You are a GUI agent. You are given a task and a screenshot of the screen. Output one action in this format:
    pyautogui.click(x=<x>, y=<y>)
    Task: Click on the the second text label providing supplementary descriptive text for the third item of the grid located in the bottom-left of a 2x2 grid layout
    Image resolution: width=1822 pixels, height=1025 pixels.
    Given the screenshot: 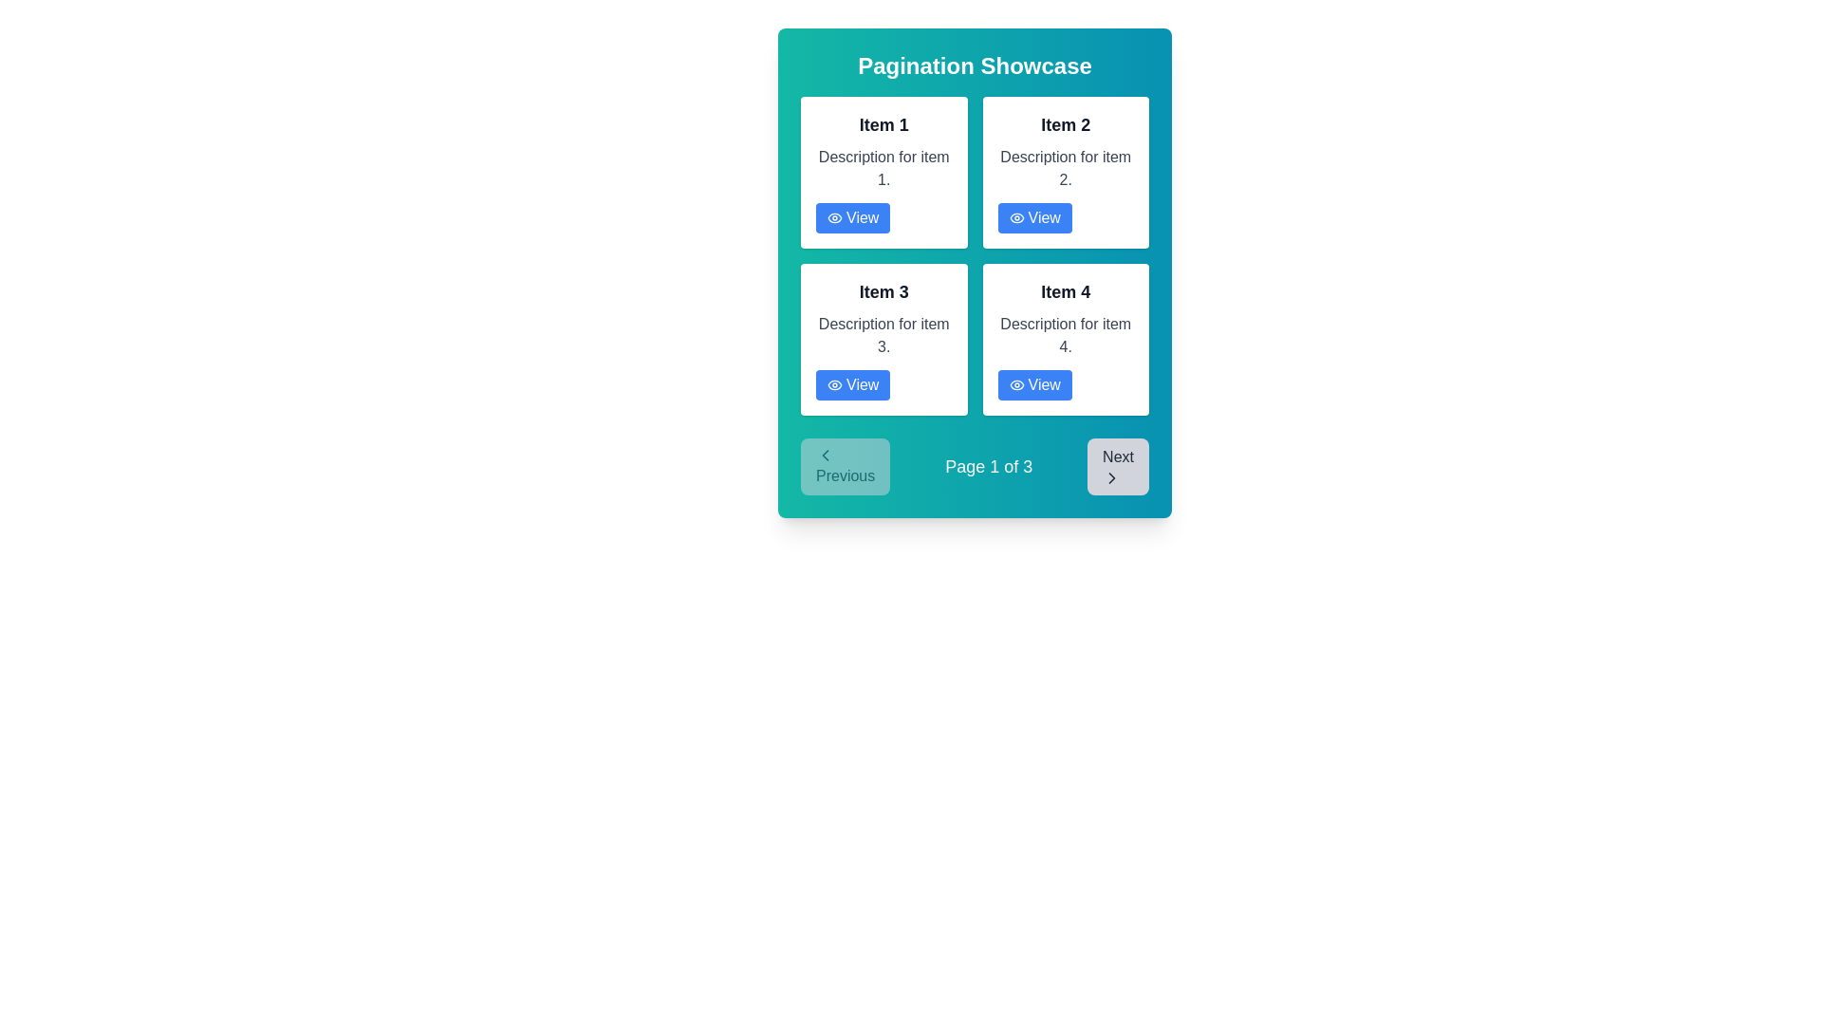 What is the action you would take?
    pyautogui.click(x=883, y=335)
    